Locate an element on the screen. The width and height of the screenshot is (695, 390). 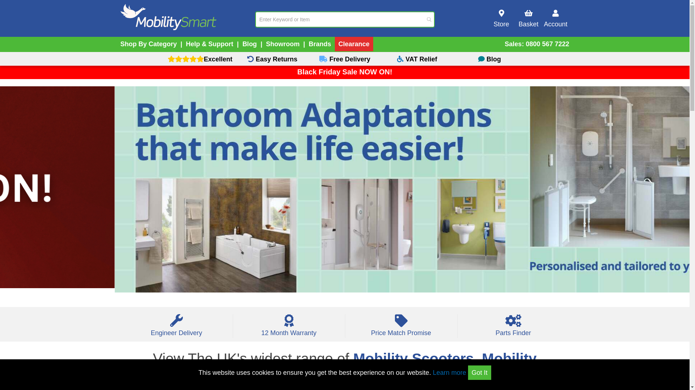
'Showroom' is located at coordinates (282, 44).